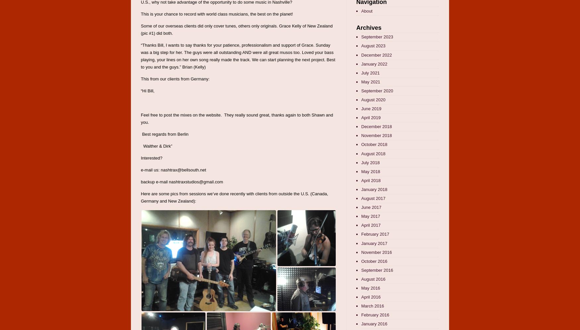 The image size is (580, 330). What do you see at coordinates (373, 45) in the screenshot?
I see `'August 2023'` at bounding box center [373, 45].